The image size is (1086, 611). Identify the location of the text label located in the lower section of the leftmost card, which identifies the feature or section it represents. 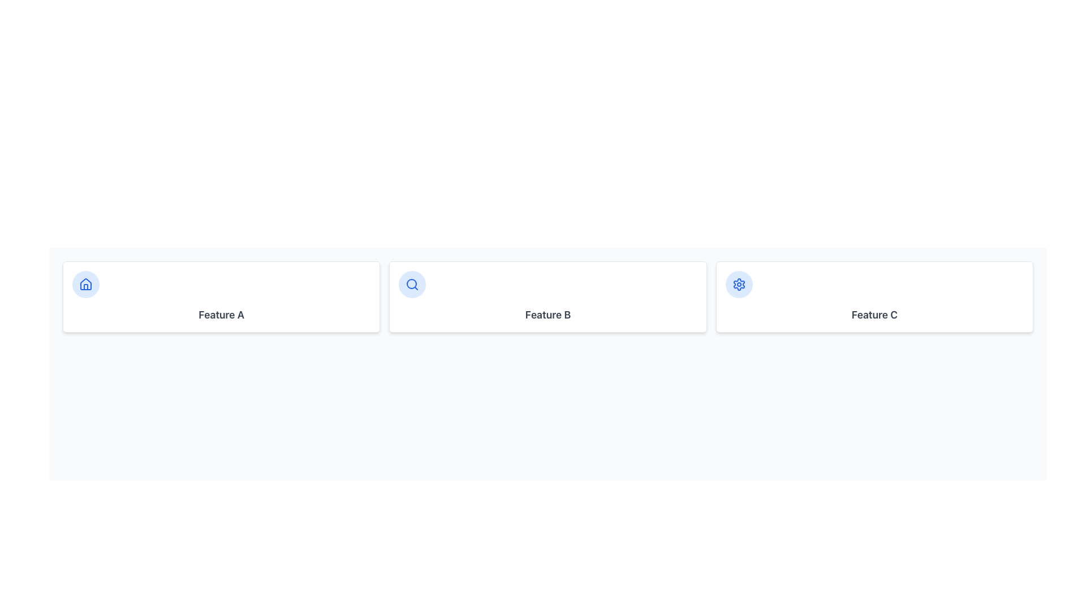
(221, 315).